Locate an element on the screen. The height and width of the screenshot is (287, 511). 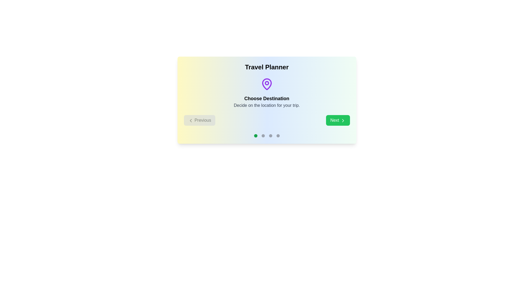
the 'chevron-left' icon, which is part of the 'Previous' navigation button, located at the bottom-left of the interface is located at coordinates (191, 120).